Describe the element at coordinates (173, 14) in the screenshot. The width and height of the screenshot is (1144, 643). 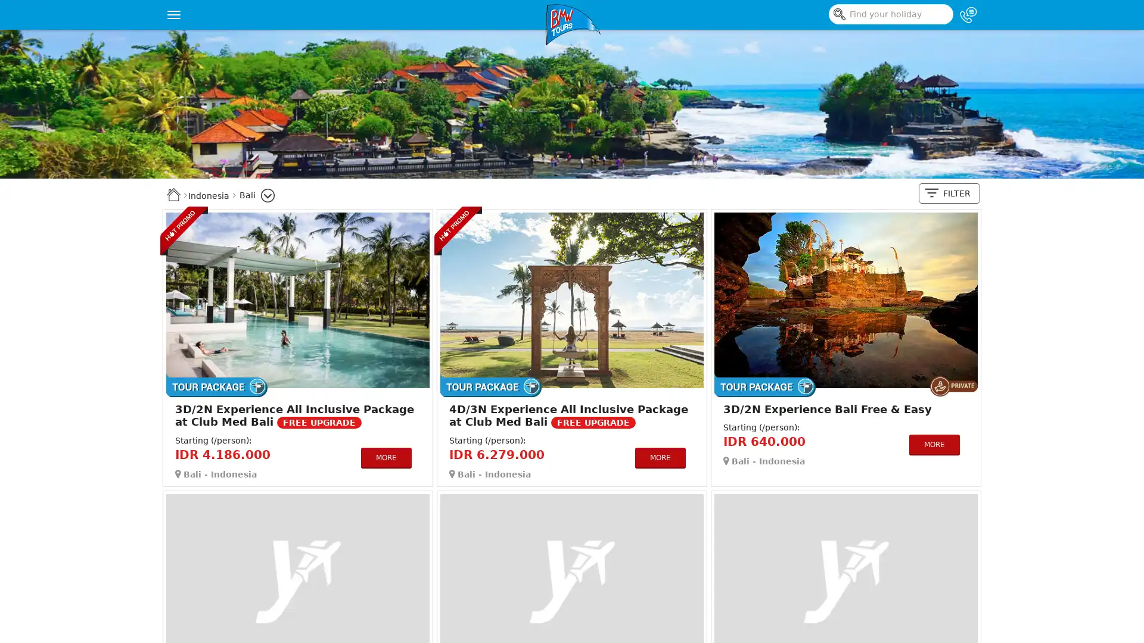
I see `Toggle navigation` at that location.